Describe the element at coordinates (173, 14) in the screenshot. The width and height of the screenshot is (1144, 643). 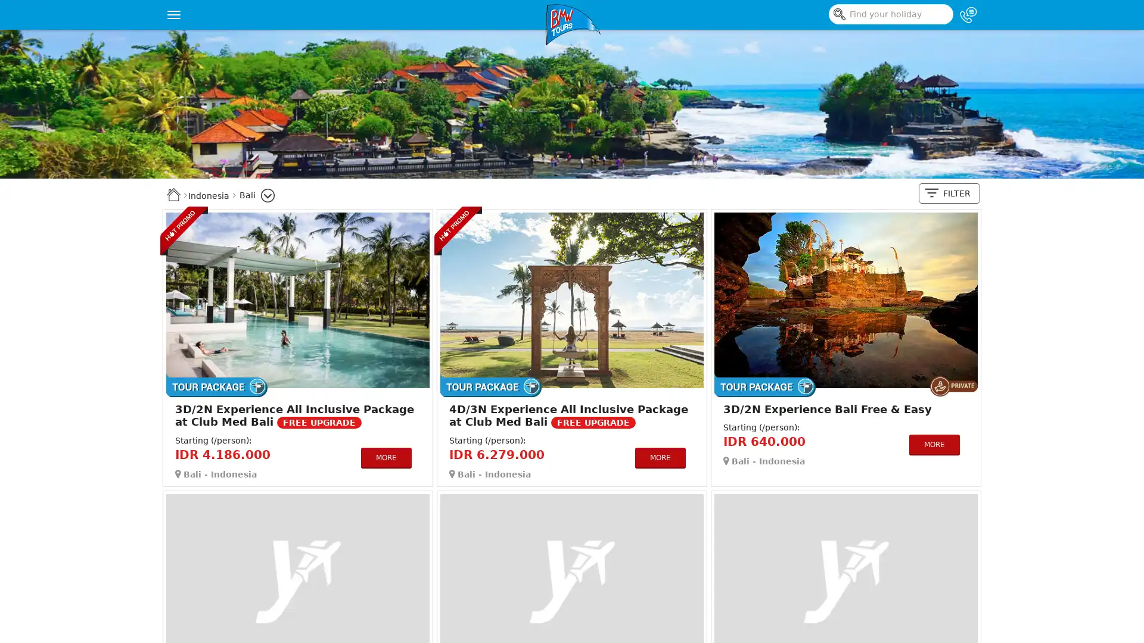
I see `Toggle navigation` at that location.